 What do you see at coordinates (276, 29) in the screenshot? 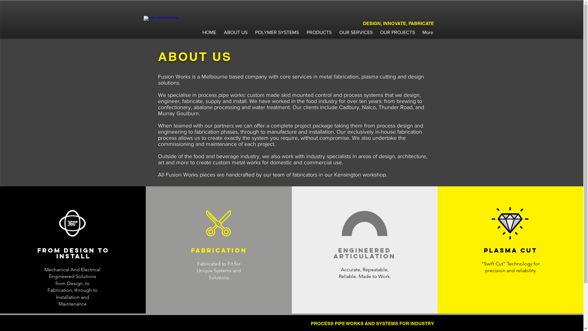
I see `'POLYMER SYSTEMS'` at bounding box center [276, 29].